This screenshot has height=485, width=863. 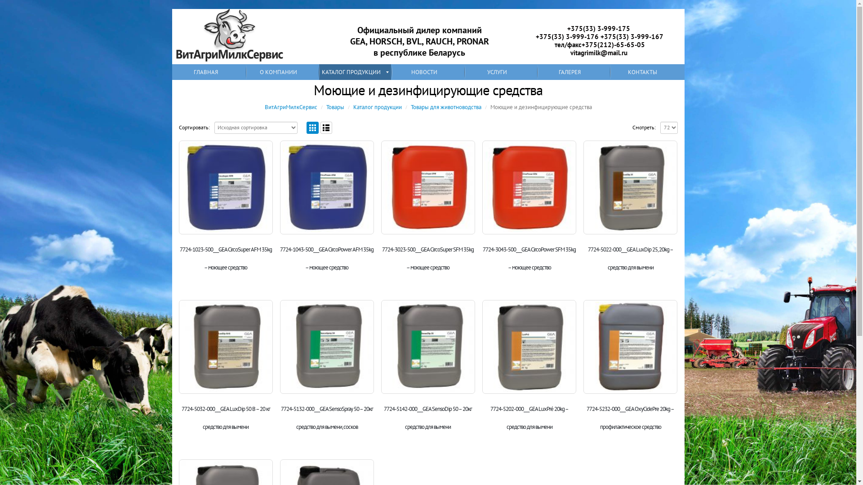 I want to click on 'vitagrimilk@mail.ru ', so click(x=600, y=53).